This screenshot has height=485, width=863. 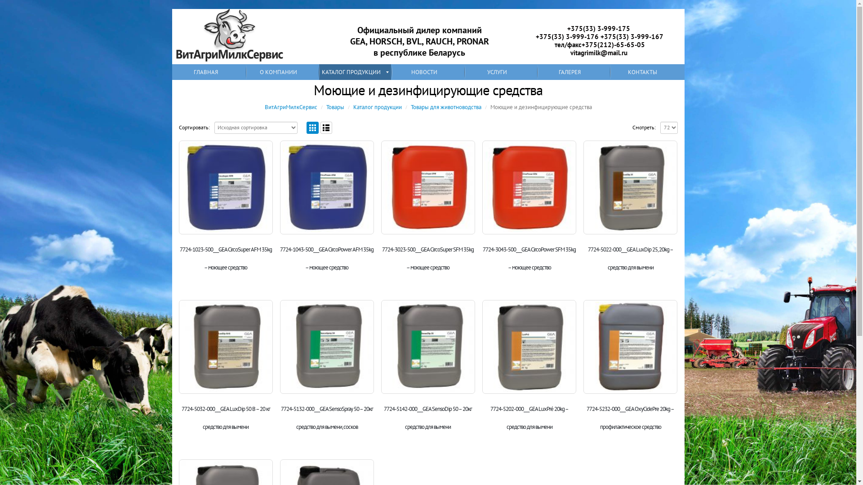 I want to click on 'vitagrimilk@mail.ru ', so click(x=600, y=53).